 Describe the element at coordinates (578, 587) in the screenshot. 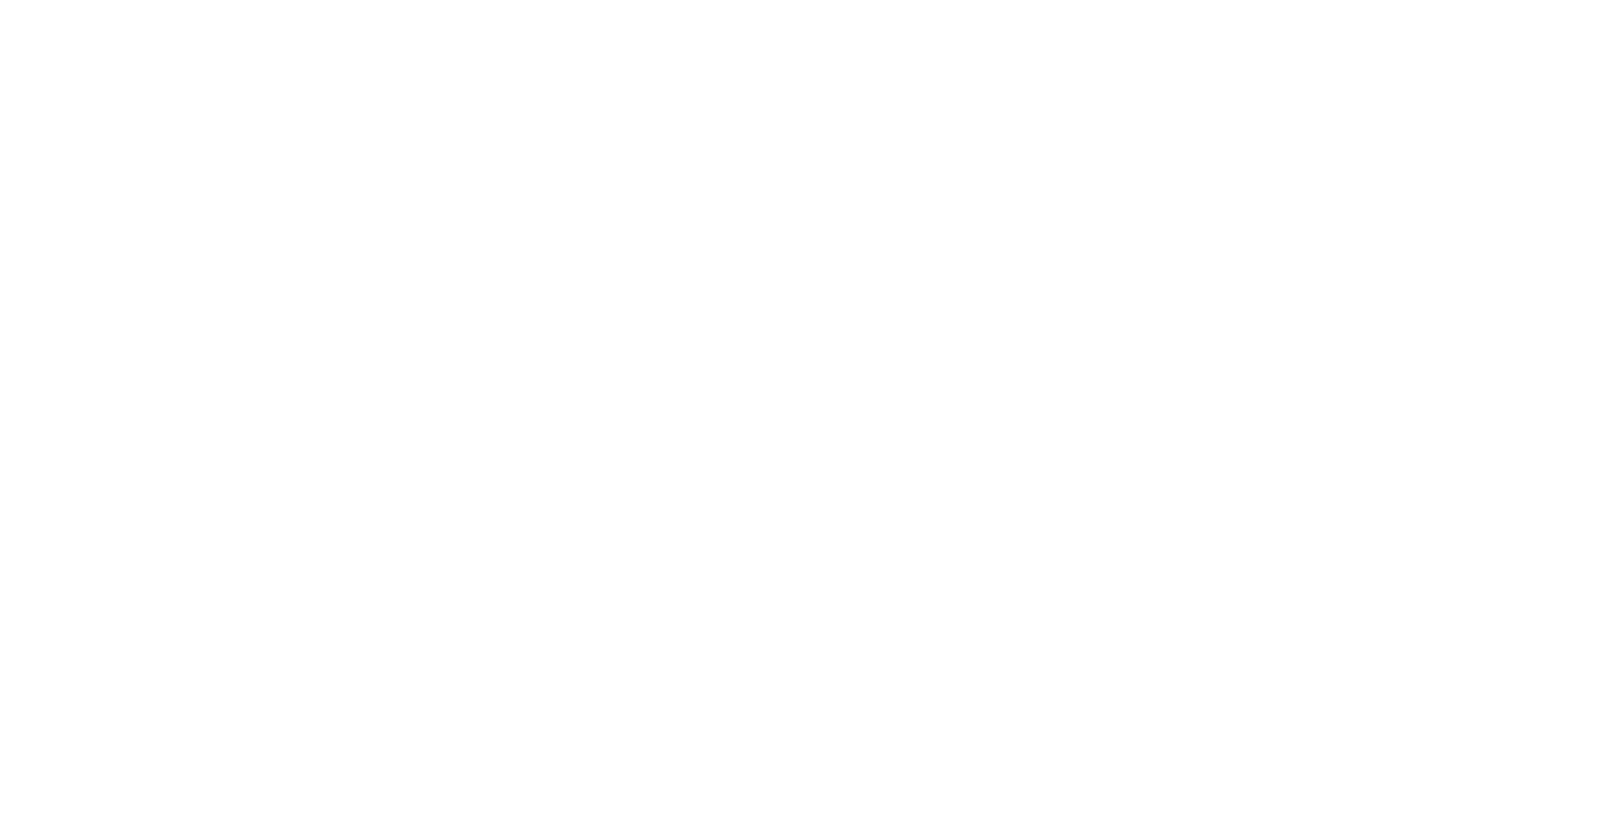

I see `'NHL.com Privacy Policy'` at that location.